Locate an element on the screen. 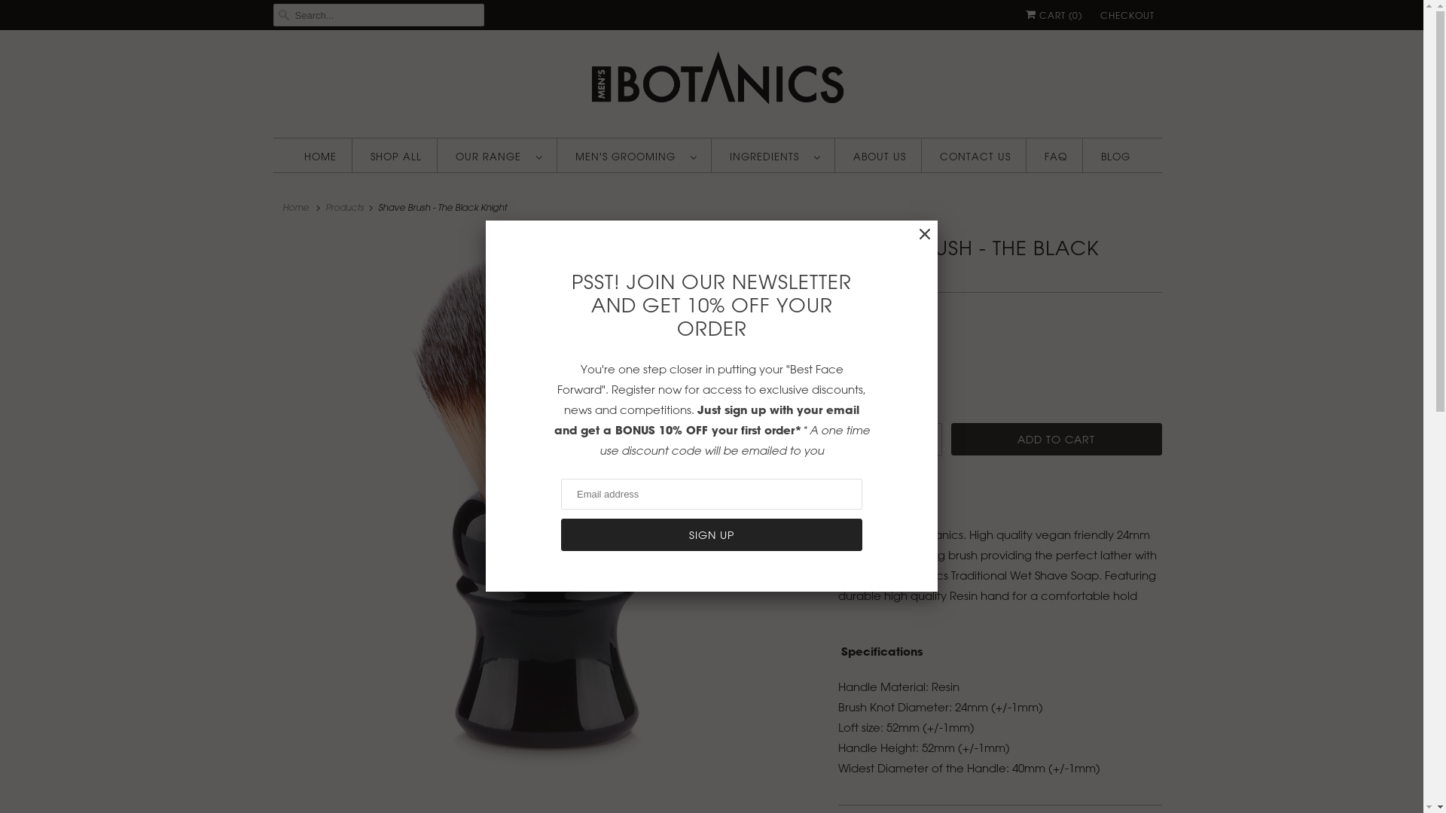  'Mens Botanics Skincare' is located at coordinates (715, 81).